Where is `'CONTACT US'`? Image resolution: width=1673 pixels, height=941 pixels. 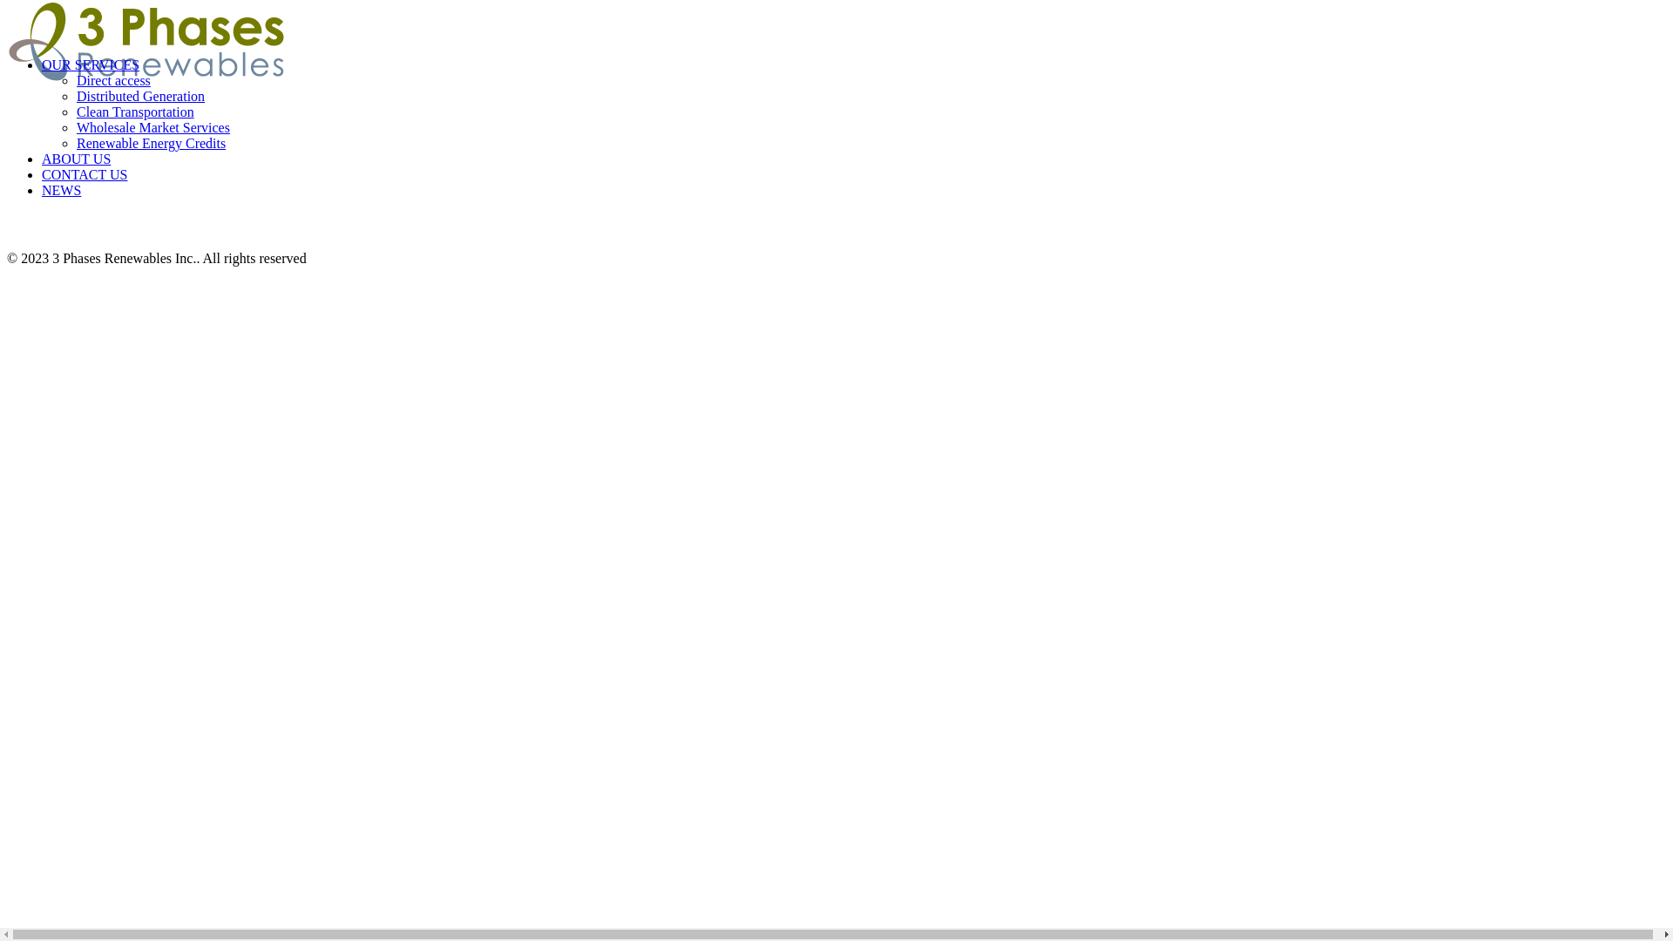
'CONTACT US' is located at coordinates (843, 110).